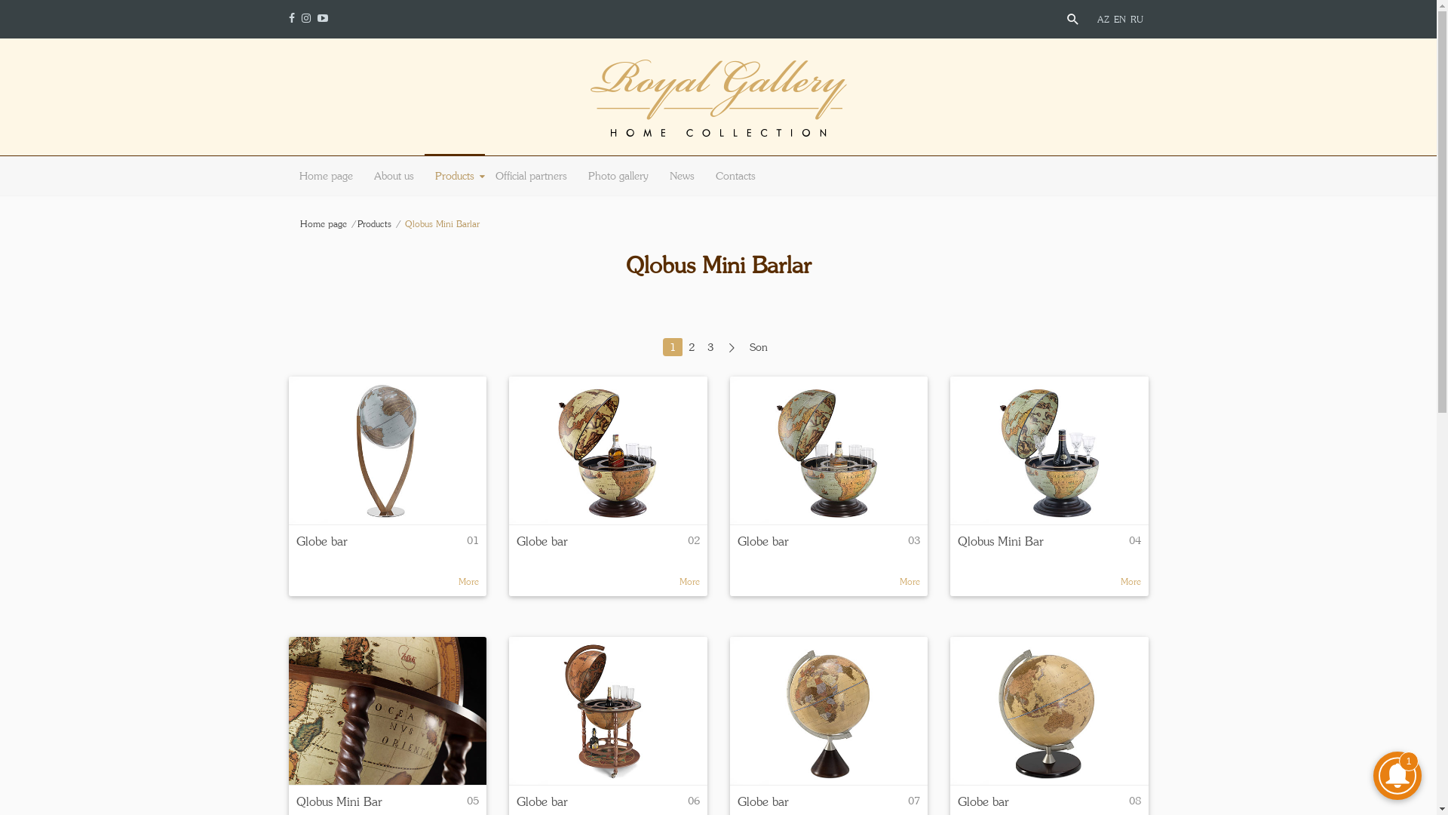 The width and height of the screenshot is (1448, 815). Describe the element at coordinates (688, 580) in the screenshot. I see `'More'` at that location.